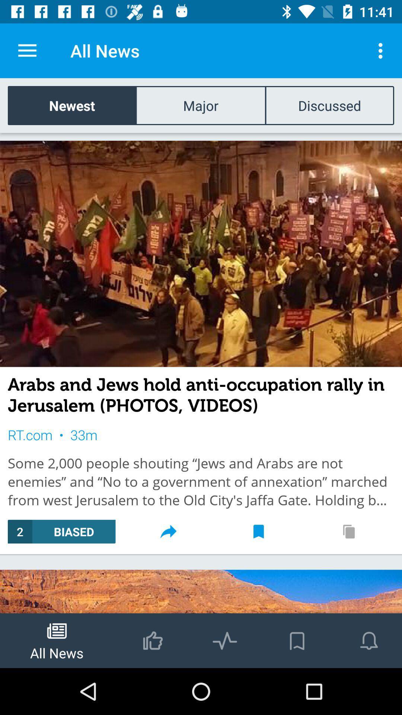  I want to click on the discussed icon, so click(329, 105).